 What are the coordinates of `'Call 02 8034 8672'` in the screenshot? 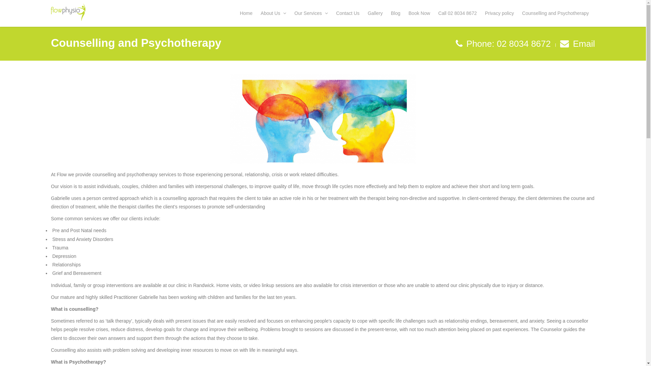 It's located at (459, 15).